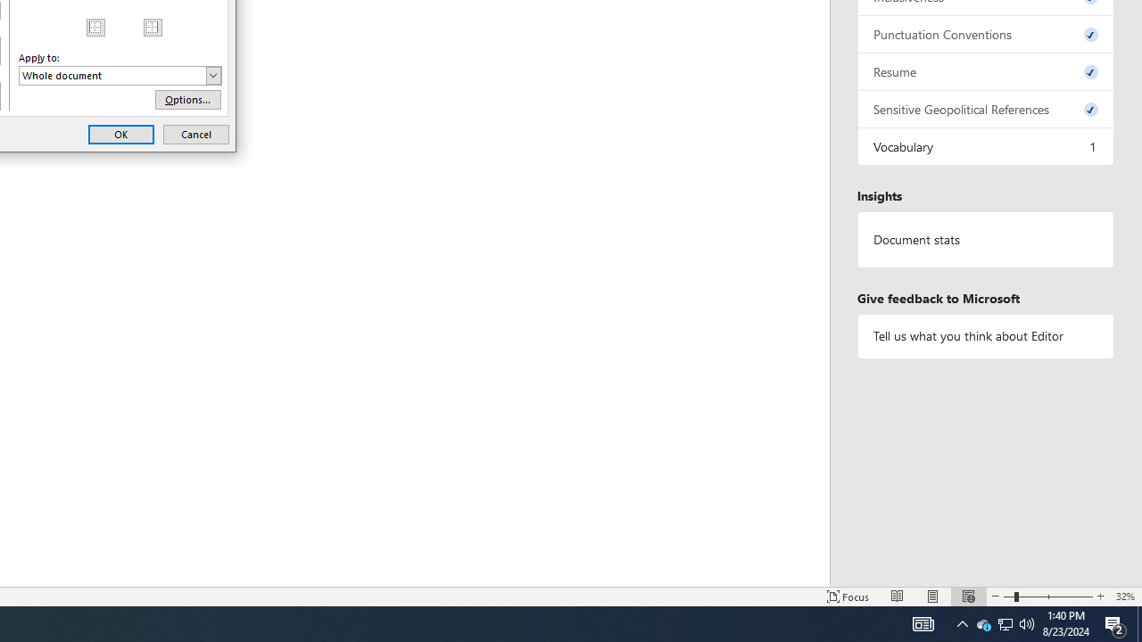 The width and height of the screenshot is (1142, 642). Describe the element at coordinates (1138, 622) in the screenshot. I see `'Show desktop'` at that location.